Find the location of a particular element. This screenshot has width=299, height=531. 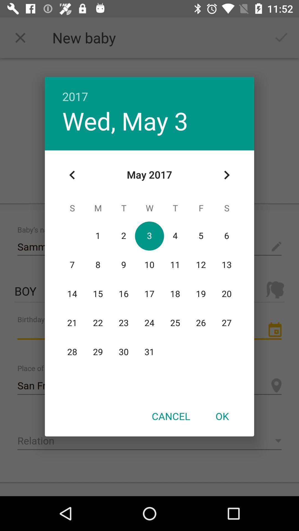

ok at the bottom right corner is located at coordinates (222, 416).